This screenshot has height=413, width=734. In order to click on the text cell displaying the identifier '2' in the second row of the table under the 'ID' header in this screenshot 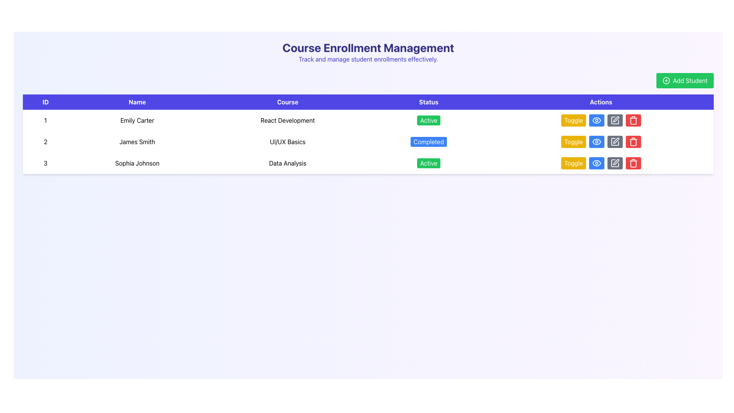, I will do `click(45, 141)`.